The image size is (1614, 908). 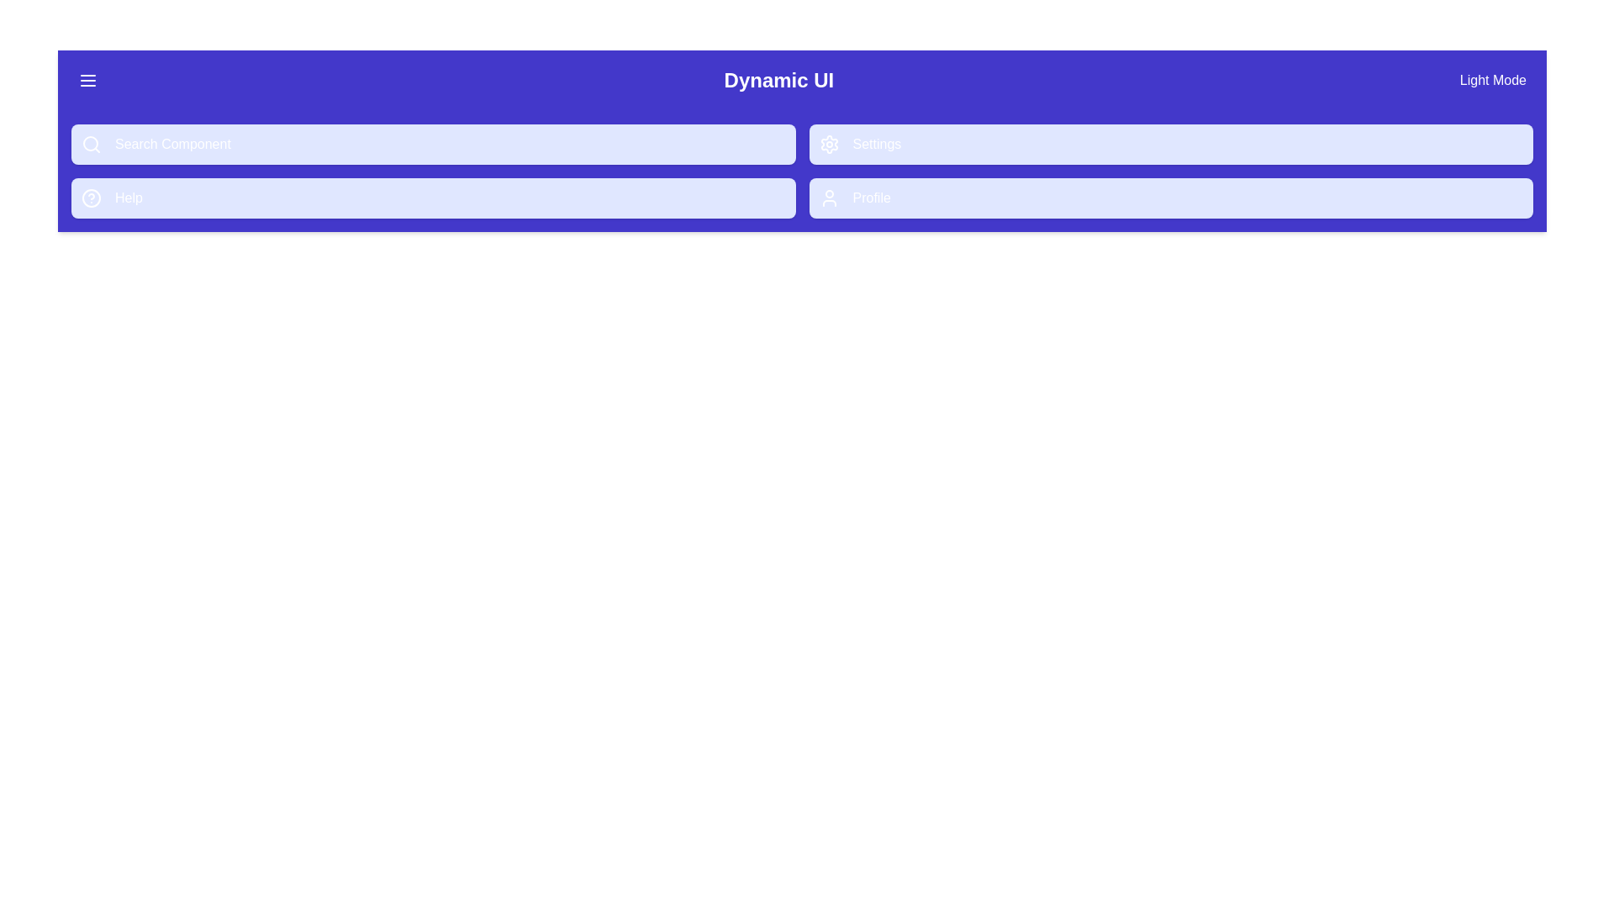 I want to click on the 'Light Mode' button to toggle the mode, so click(x=1493, y=81).